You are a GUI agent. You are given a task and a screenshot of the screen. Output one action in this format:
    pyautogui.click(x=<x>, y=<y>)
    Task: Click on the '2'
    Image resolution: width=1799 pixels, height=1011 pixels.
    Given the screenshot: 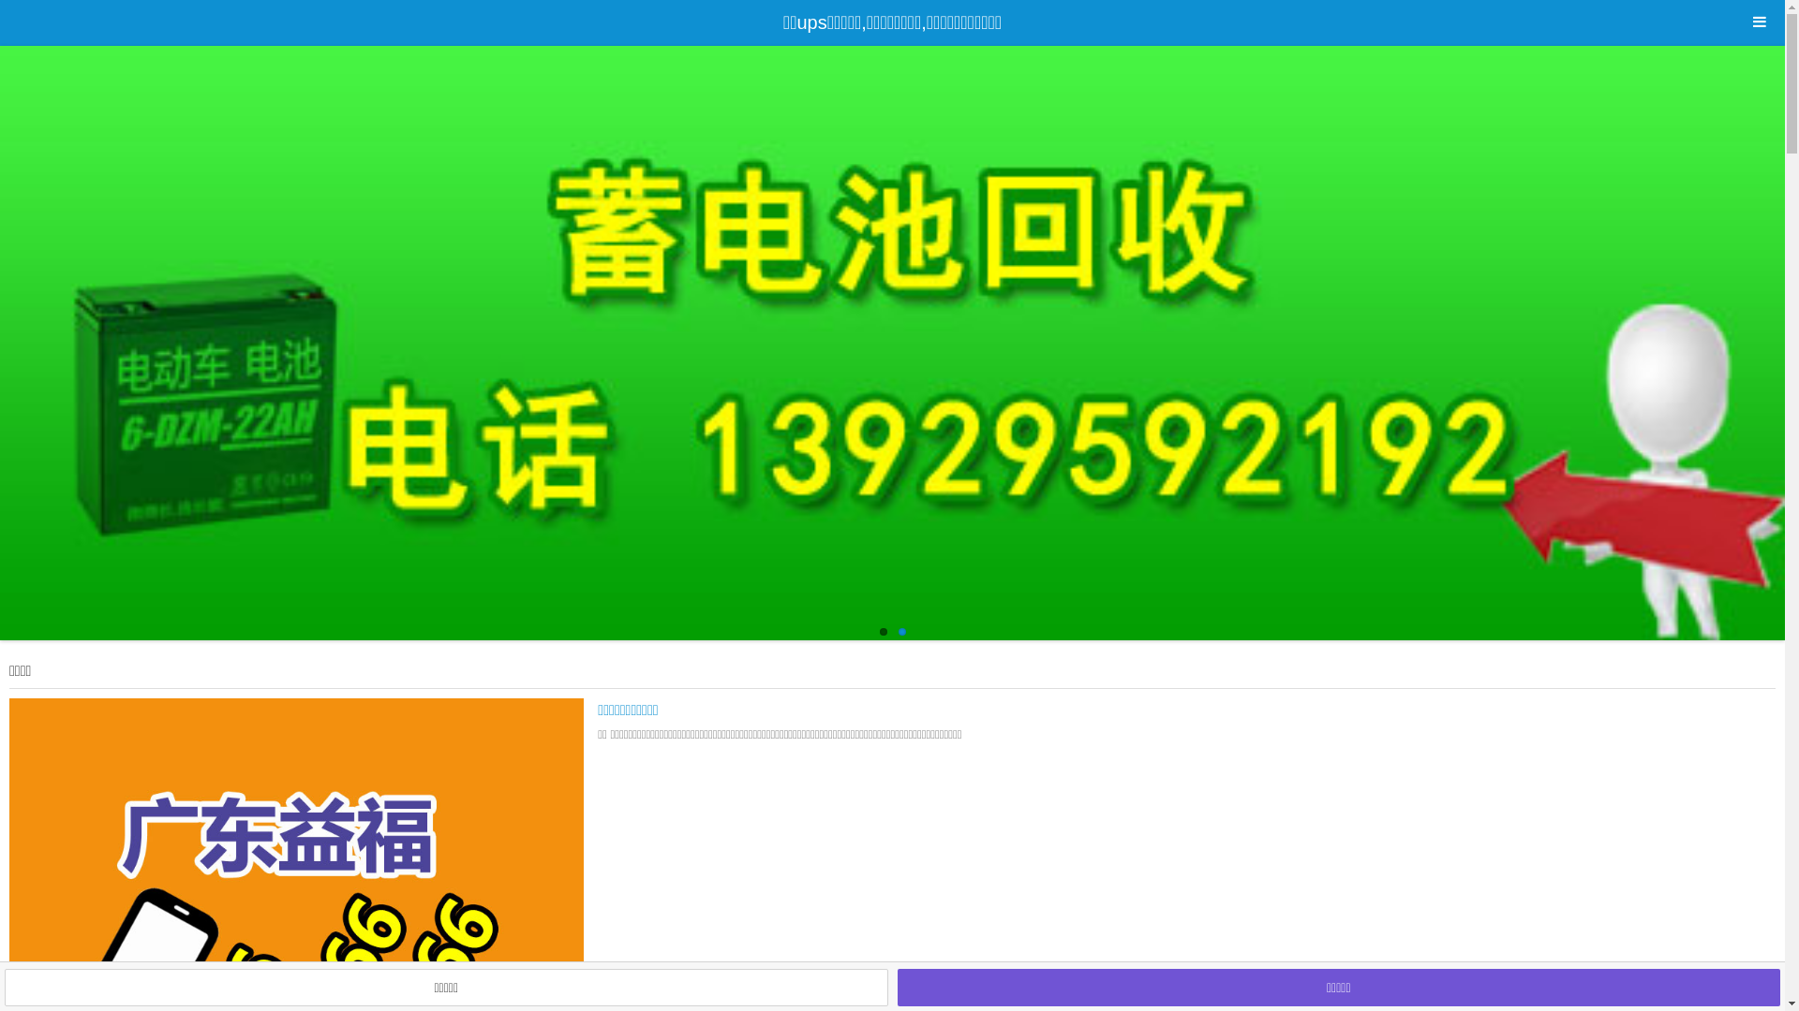 What is the action you would take?
    pyautogui.click(x=900, y=632)
    